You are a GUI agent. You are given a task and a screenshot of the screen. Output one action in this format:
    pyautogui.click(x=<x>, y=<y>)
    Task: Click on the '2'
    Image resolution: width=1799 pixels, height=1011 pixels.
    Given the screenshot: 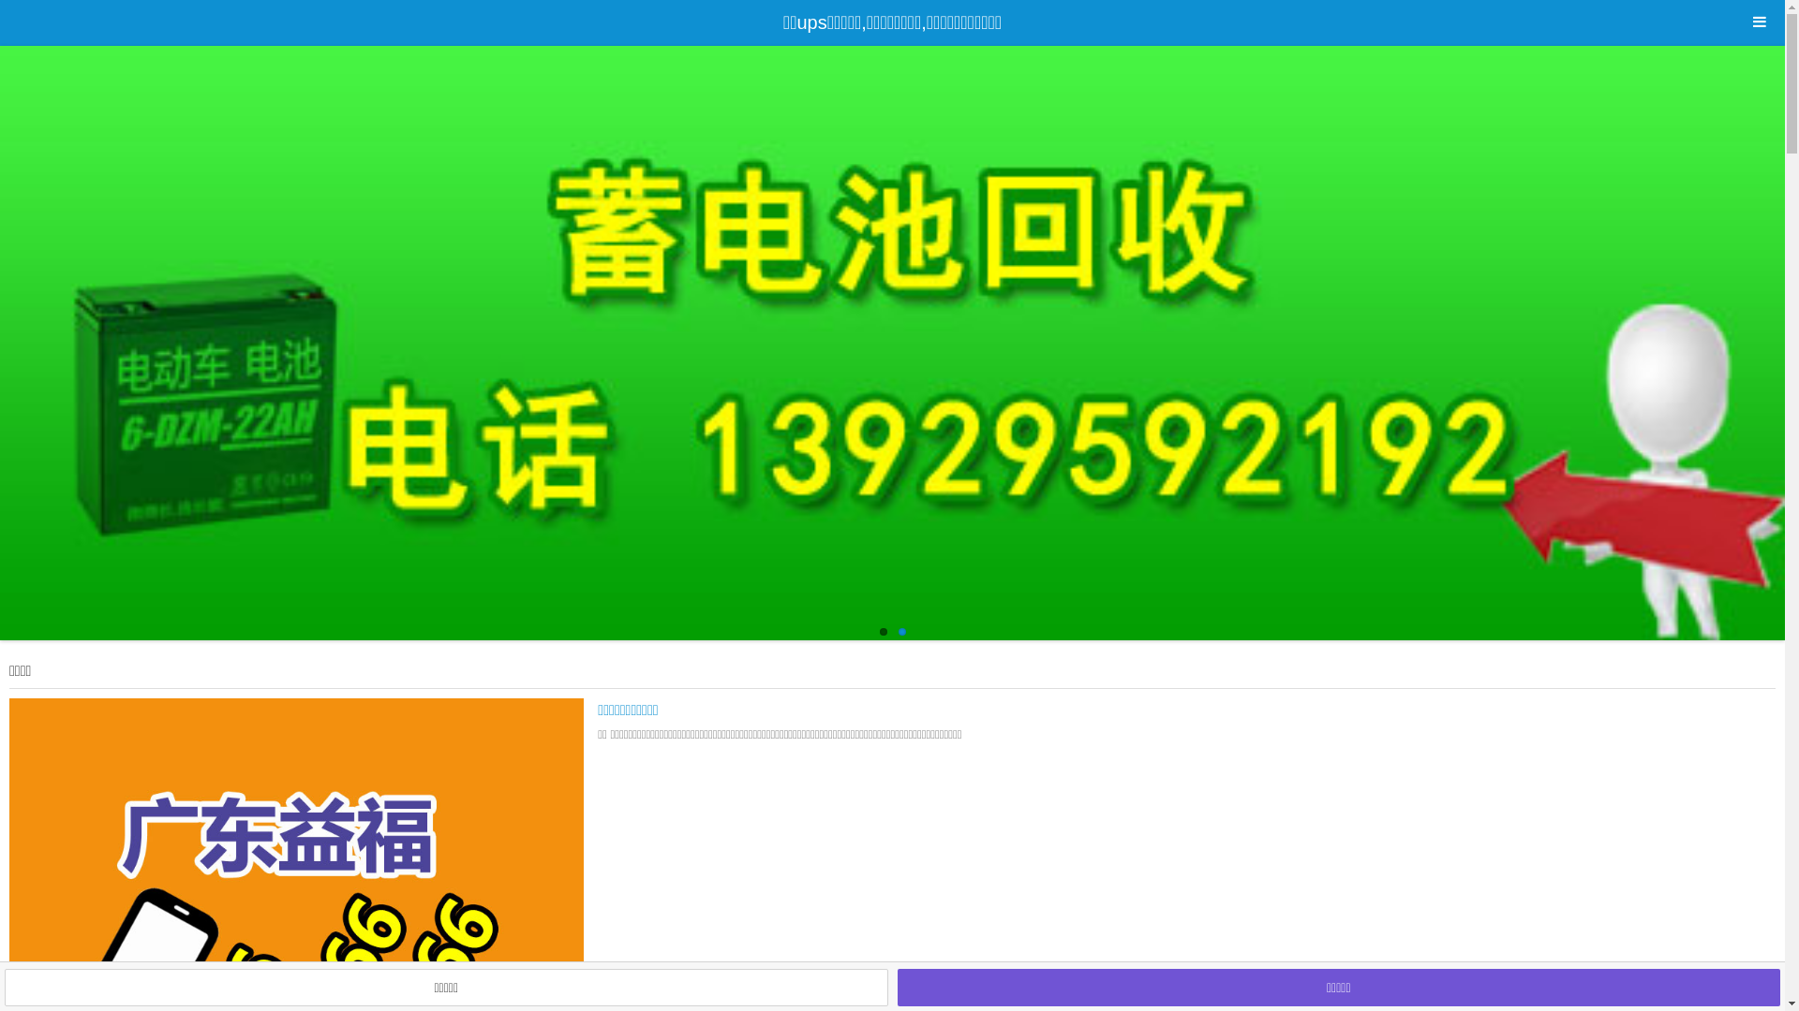 What is the action you would take?
    pyautogui.click(x=900, y=632)
    